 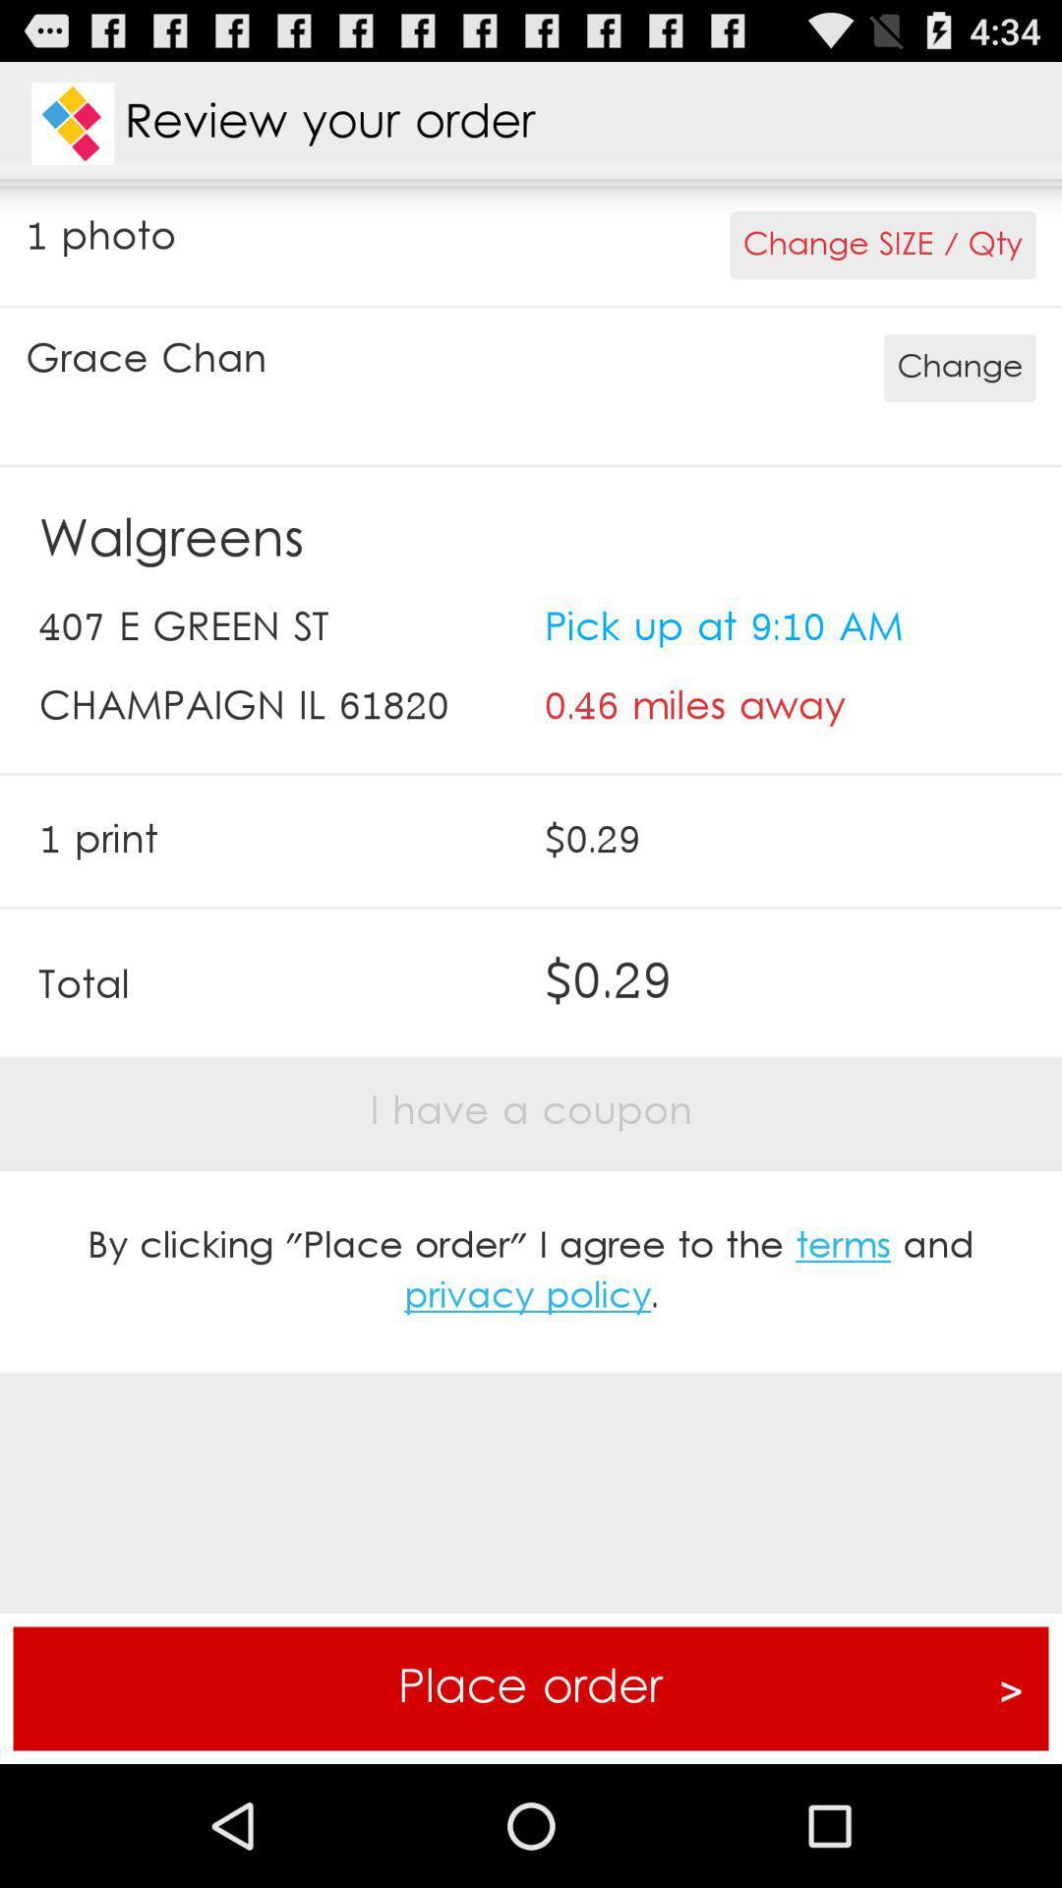 I want to click on the change size / qty item, so click(x=882, y=244).